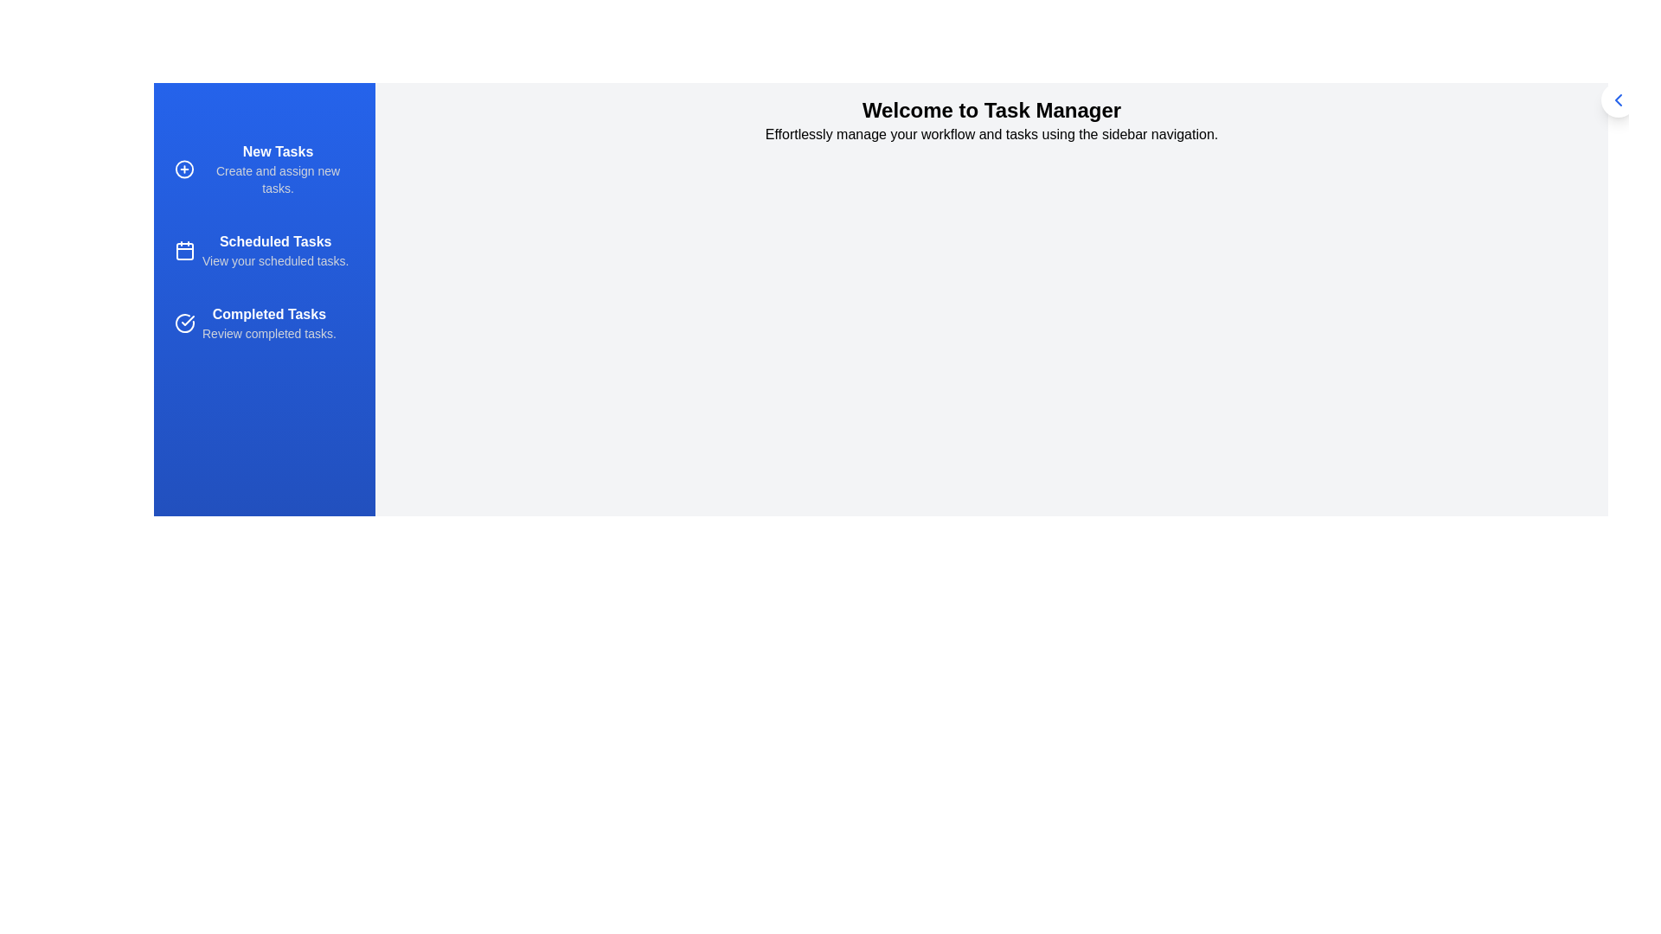 This screenshot has width=1661, height=934. Describe the element at coordinates (264, 323) in the screenshot. I see `the 'Completed Tasks' item in the sidebar` at that location.